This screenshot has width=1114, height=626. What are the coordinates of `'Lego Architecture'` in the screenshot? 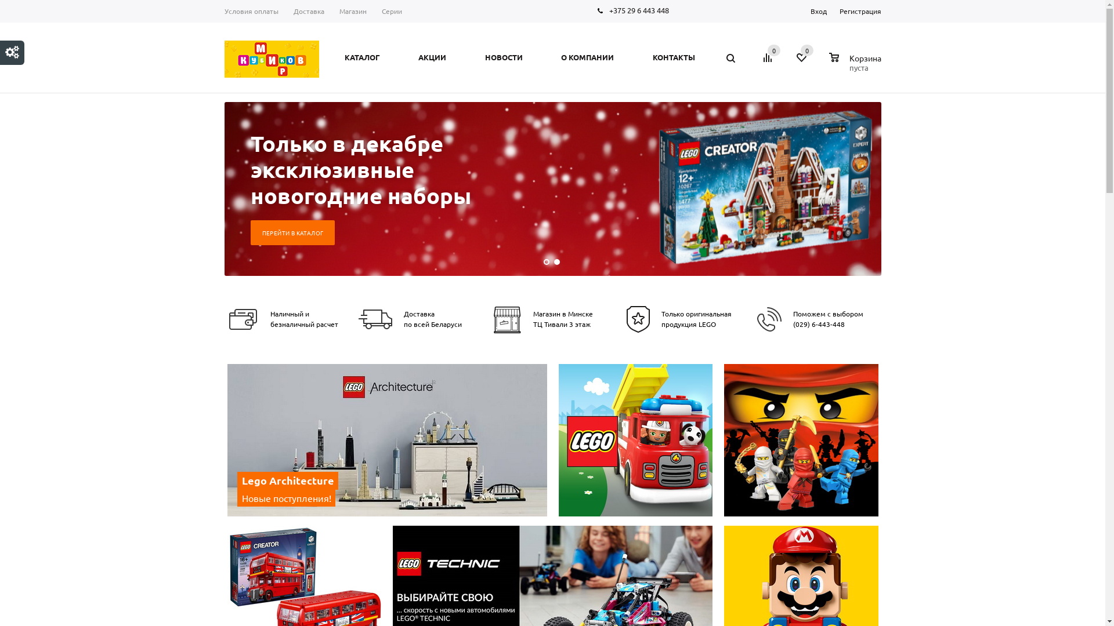 It's located at (389, 442).